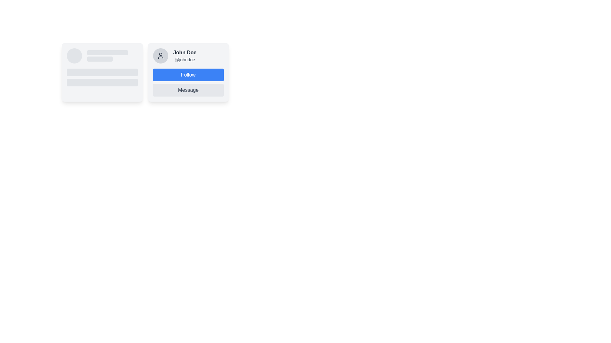 This screenshot has width=611, height=343. I want to click on the Text Display that shows the user's name and username, positioned between the avatar and the buttons, so click(184, 56).